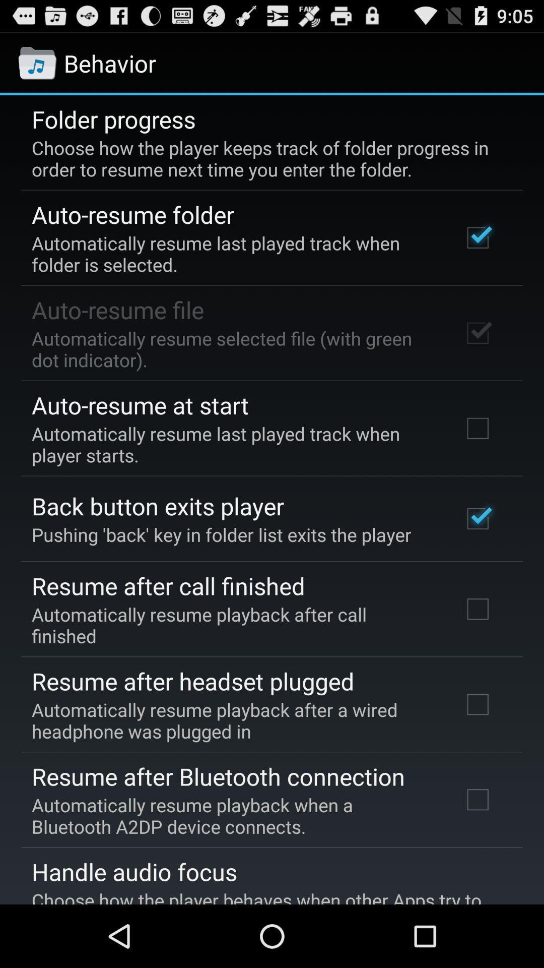  What do you see at coordinates (133, 871) in the screenshot?
I see `item below automatically resume playback` at bounding box center [133, 871].